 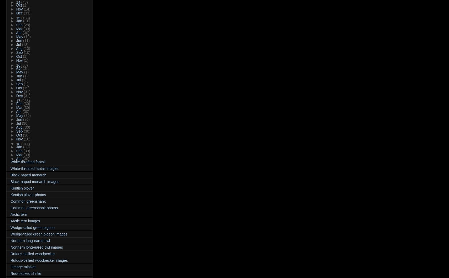 I want to click on 'Northern long-eared owl images', so click(x=37, y=247).